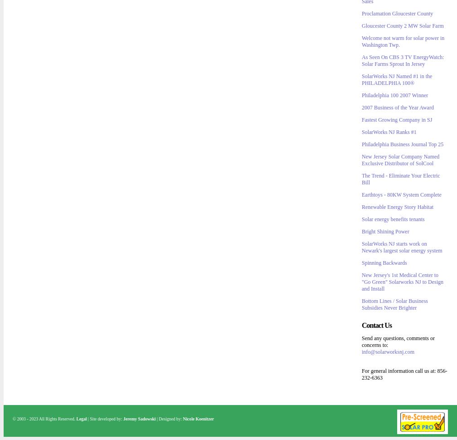 This screenshot has height=440, width=457. Describe the element at coordinates (395, 95) in the screenshot. I see `'Philadelphia 100 2007 Winner'` at that location.